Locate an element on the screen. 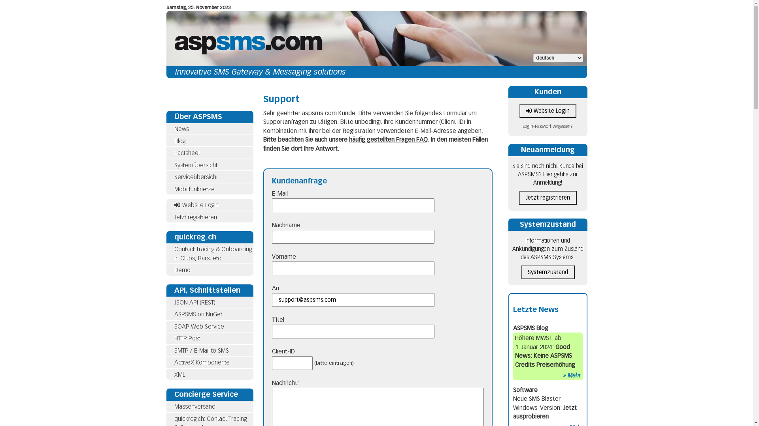 This screenshot has width=759, height=426. 'JSON API (REST)' is located at coordinates (194, 302).